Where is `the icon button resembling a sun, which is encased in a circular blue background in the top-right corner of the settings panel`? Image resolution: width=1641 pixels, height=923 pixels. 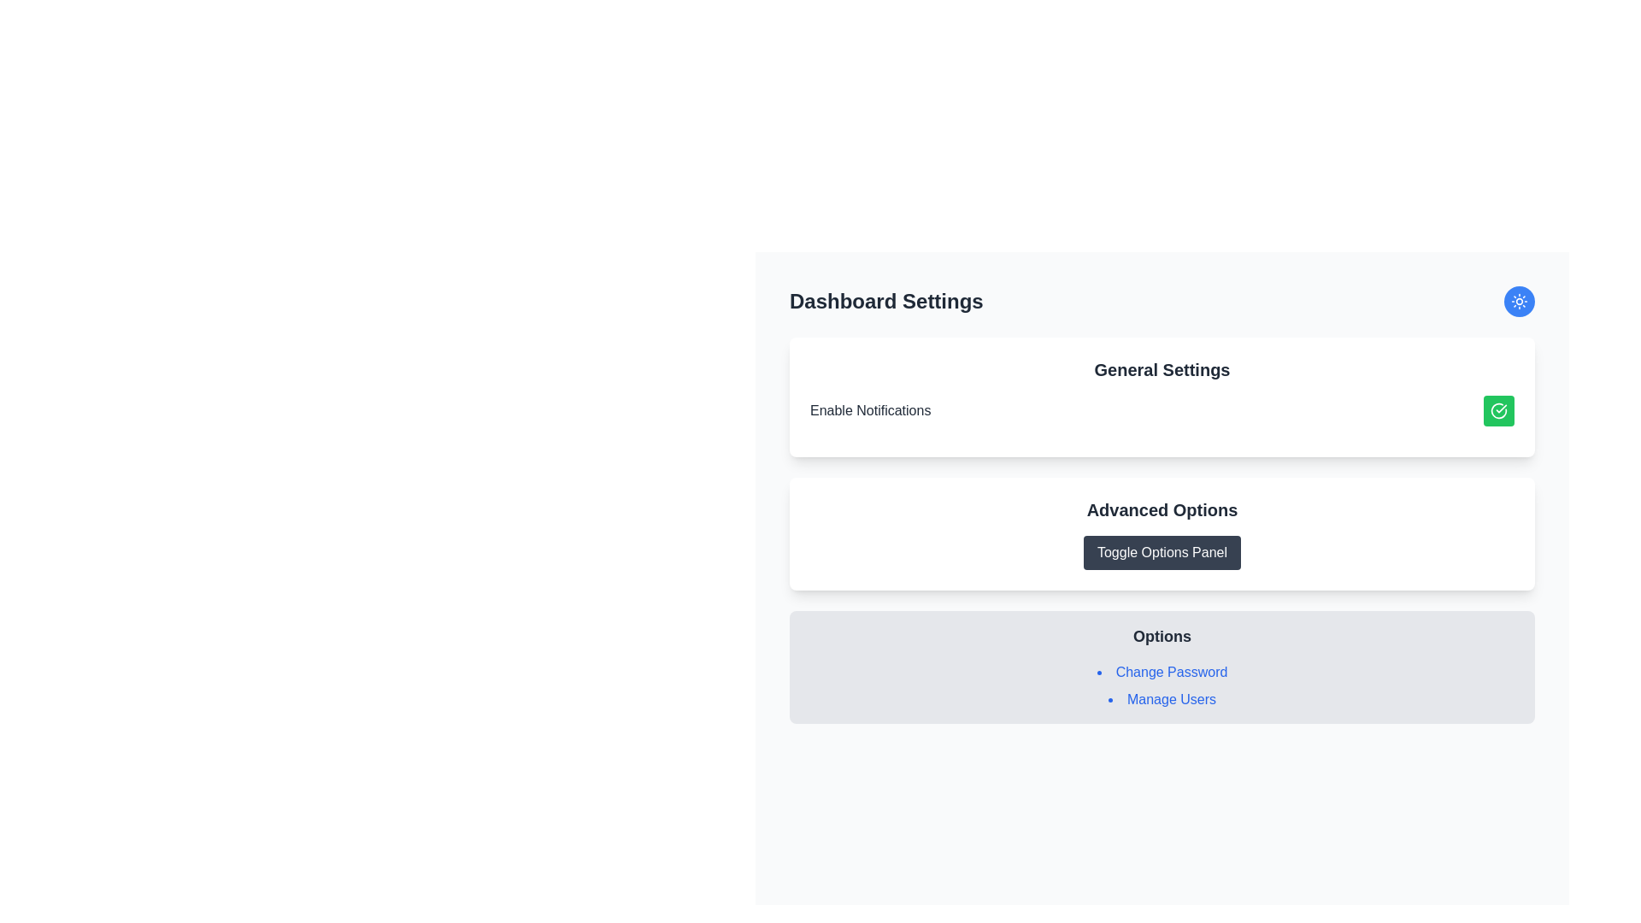
the icon button resembling a sun, which is encased in a circular blue background in the top-right corner of the settings panel is located at coordinates (1519, 301).